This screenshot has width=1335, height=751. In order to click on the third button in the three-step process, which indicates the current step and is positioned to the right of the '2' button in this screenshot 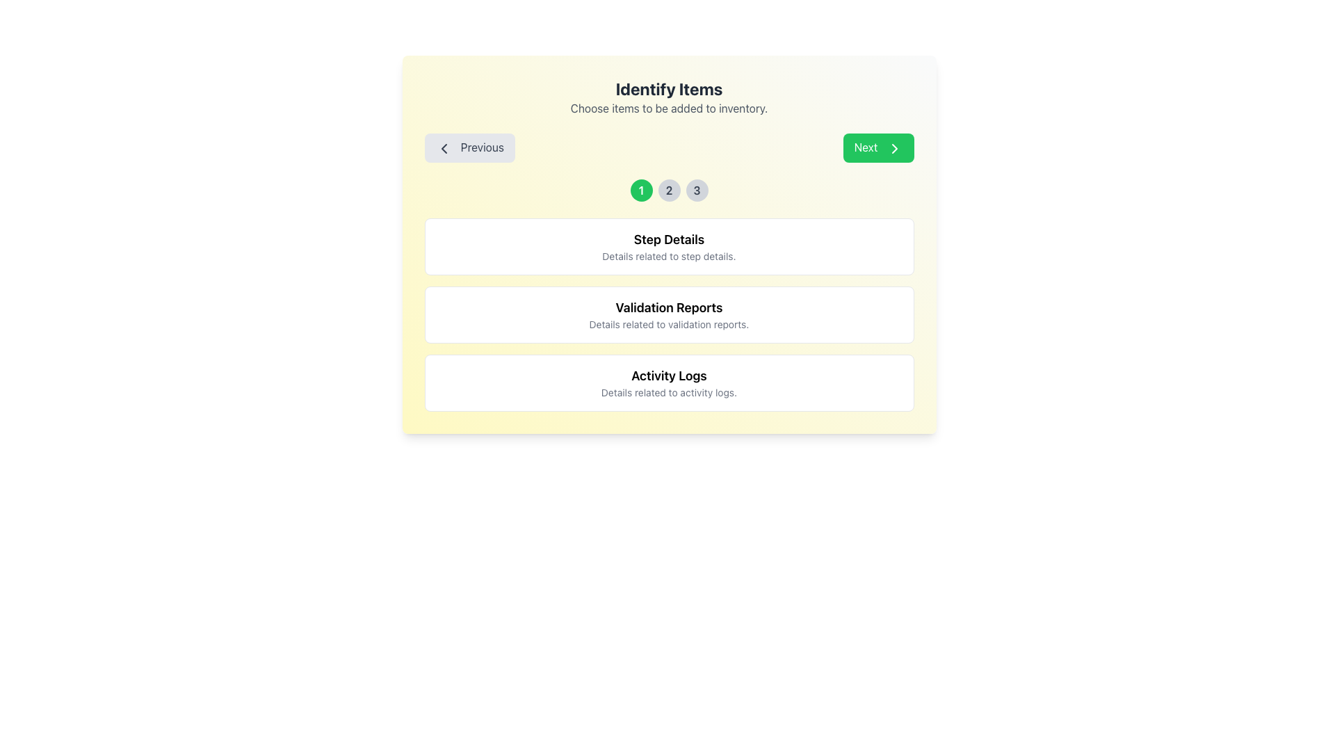, I will do `click(697, 190)`.